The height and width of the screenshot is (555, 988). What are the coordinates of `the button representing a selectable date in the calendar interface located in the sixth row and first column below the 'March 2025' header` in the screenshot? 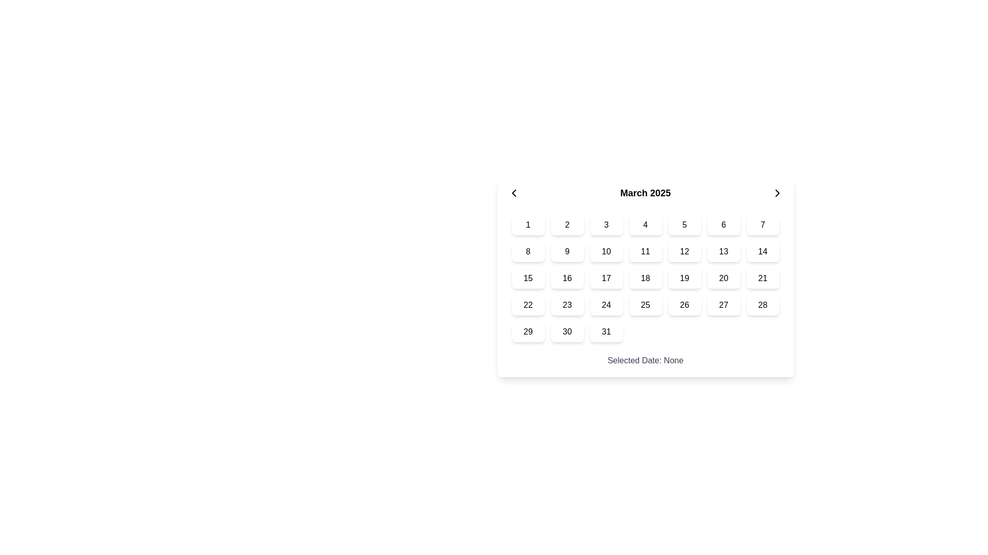 It's located at (528, 305).